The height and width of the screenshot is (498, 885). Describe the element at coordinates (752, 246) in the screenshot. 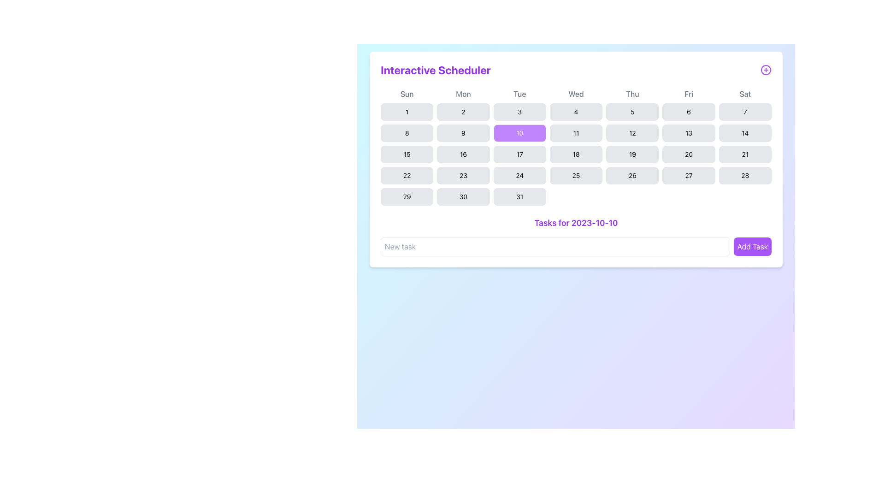

I see `the submit button located in the bottom-right part of the scheduler interface` at that location.